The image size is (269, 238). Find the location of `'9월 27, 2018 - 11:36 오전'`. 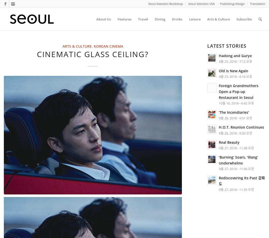

'9월 27, 2018 - 11:36 오전' is located at coordinates (236, 169).